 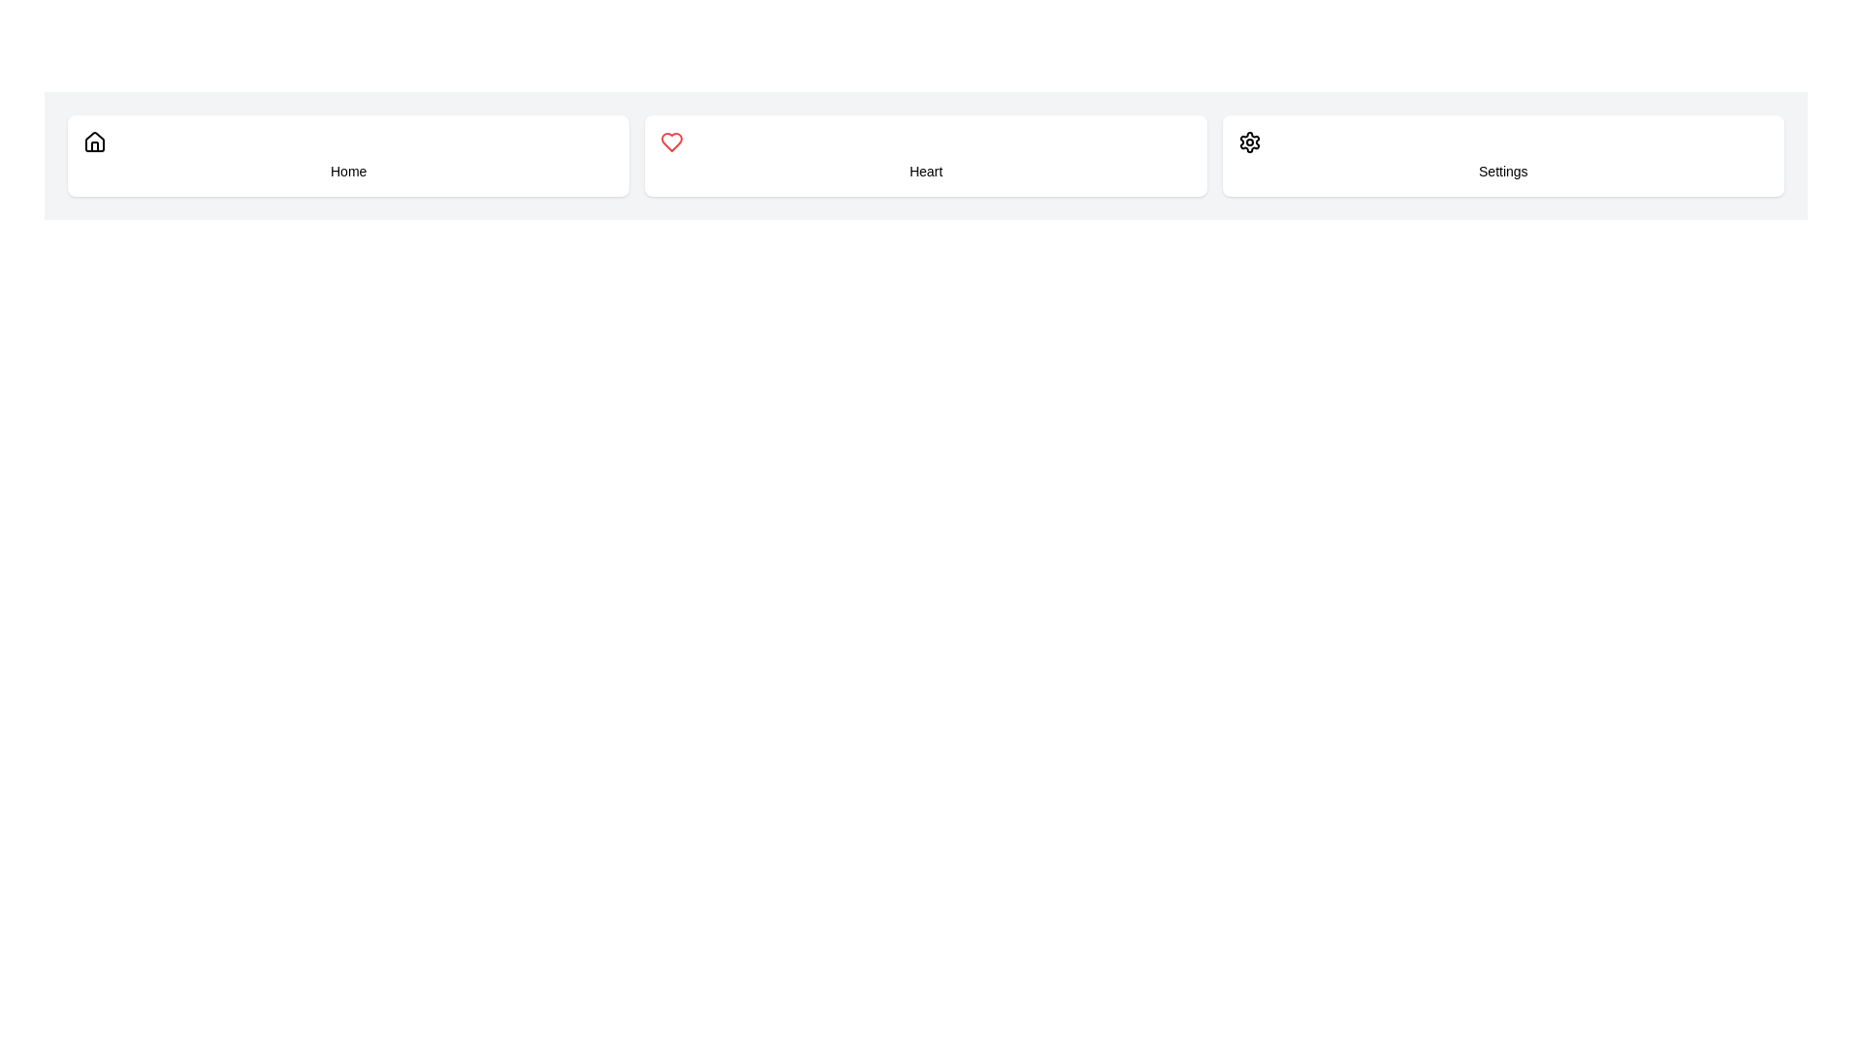 I want to click on the gear icon representing settings, located in the upper section of the interface within the 'Settings' card, visually centered above the text label 'Settings', so click(x=1249, y=141).